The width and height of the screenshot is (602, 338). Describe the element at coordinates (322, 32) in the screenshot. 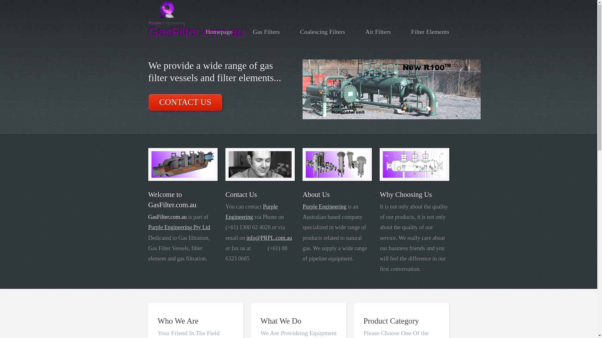

I see `'Coalescing Filters'` at that location.